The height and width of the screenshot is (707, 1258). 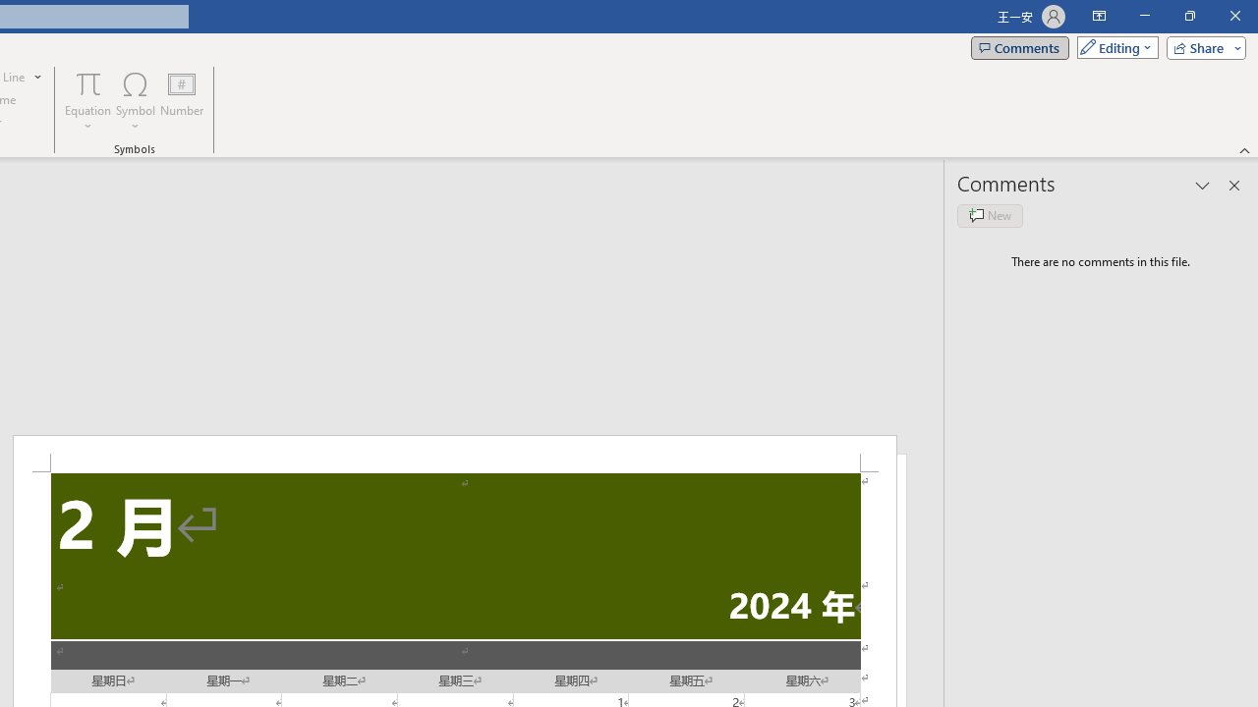 What do you see at coordinates (87, 119) in the screenshot?
I see `'More Options'` at bounding box center [87, 119].